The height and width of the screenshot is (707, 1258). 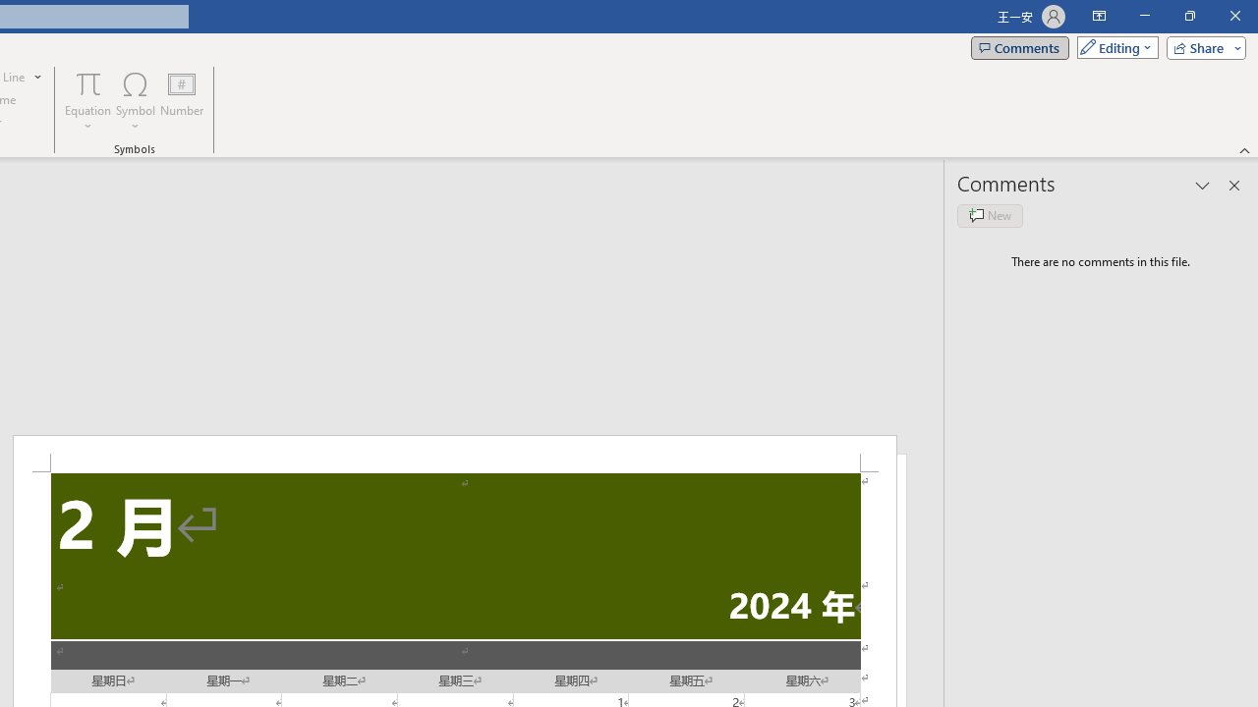 What do you see at coordinates (87, 119) in the screenshot?
I see `'More Options'` at bounding box center [87, 119].